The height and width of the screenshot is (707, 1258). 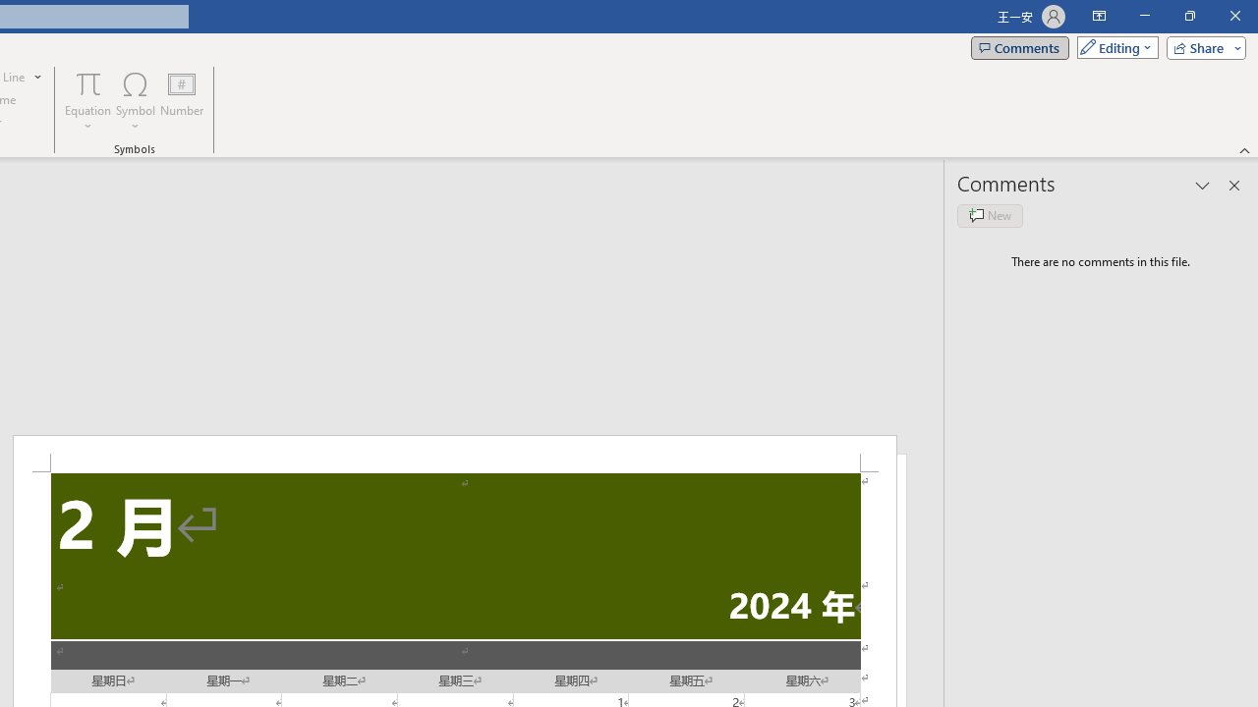 What do you see at coordinates (87, 119) in the screenshot?
I see `'More Options'` at bounding box center [87, 119].